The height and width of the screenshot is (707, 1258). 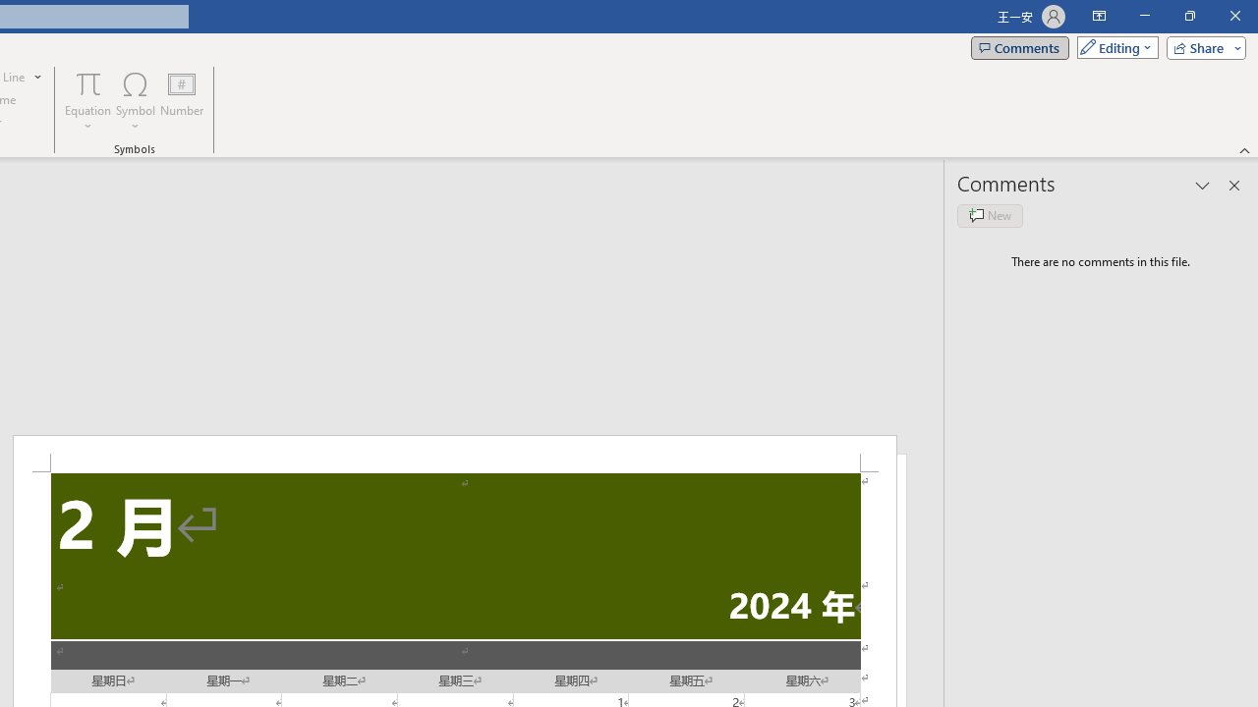 What do you see at coordinates (87, 119) in the screenshot?
I see `'More Options'` at bounding box center [87, 119].